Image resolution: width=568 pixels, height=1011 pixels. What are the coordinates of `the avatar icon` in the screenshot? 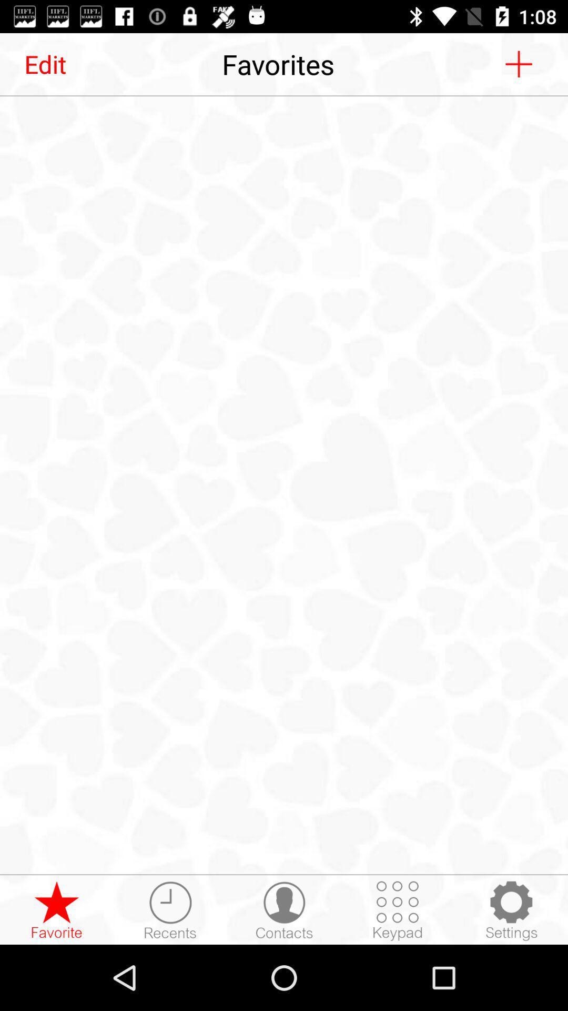 It's located at (284, 910).